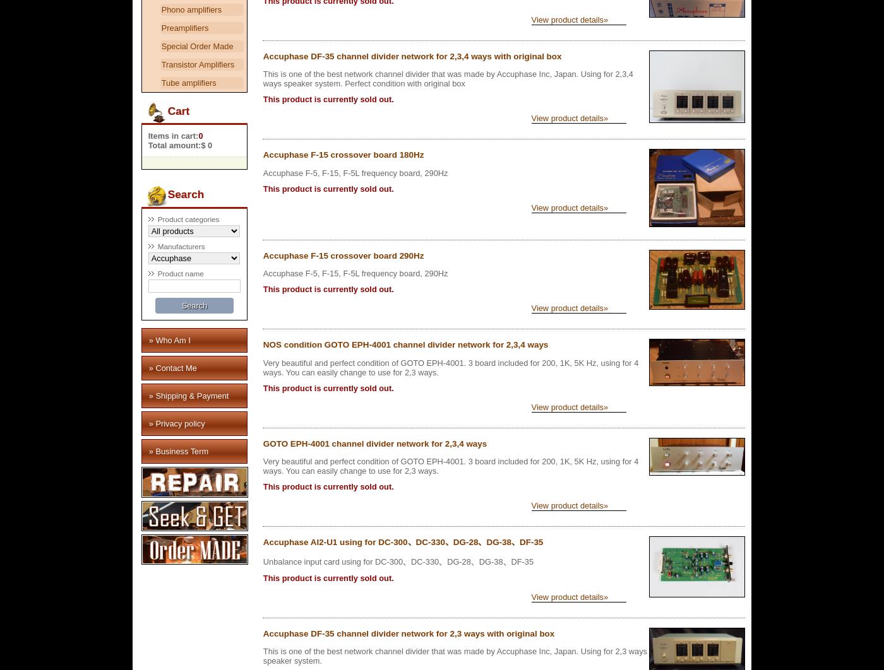 This screenshot has width=884, height=670. What do you see at coordinates (454, 655) in the screenshot?
I see `'This is one of the best network channel divider that was made by Accuphase Inc, Japan. Using for 2,3 ways speaker system.'` at bounding box center [454, 655].